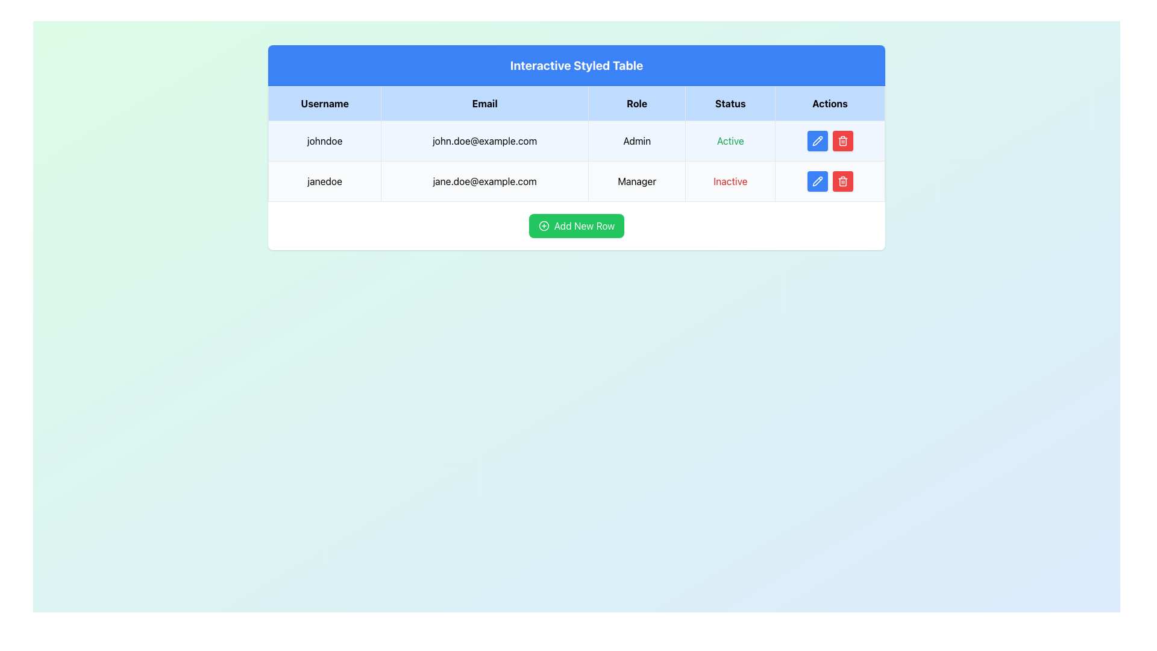  I want to click on the square button with a red background and white trash icon in the Actions column of the second row, so click(842, 140).